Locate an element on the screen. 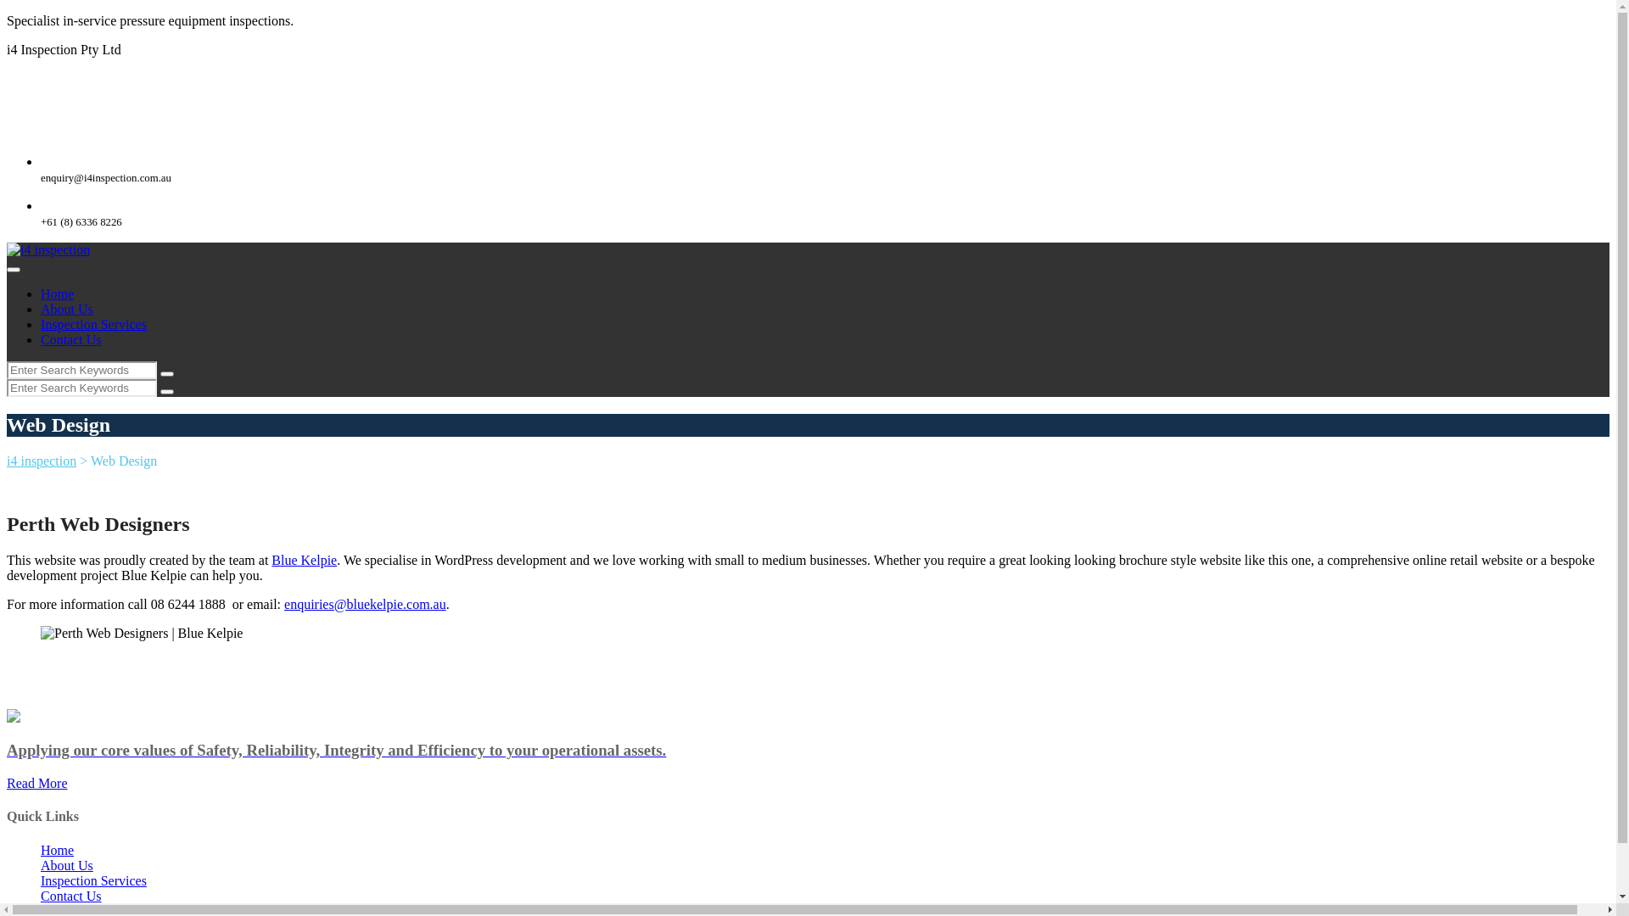 The image size is (1629, 916). 'Inspection Services' is located at coordinates (92, 880).